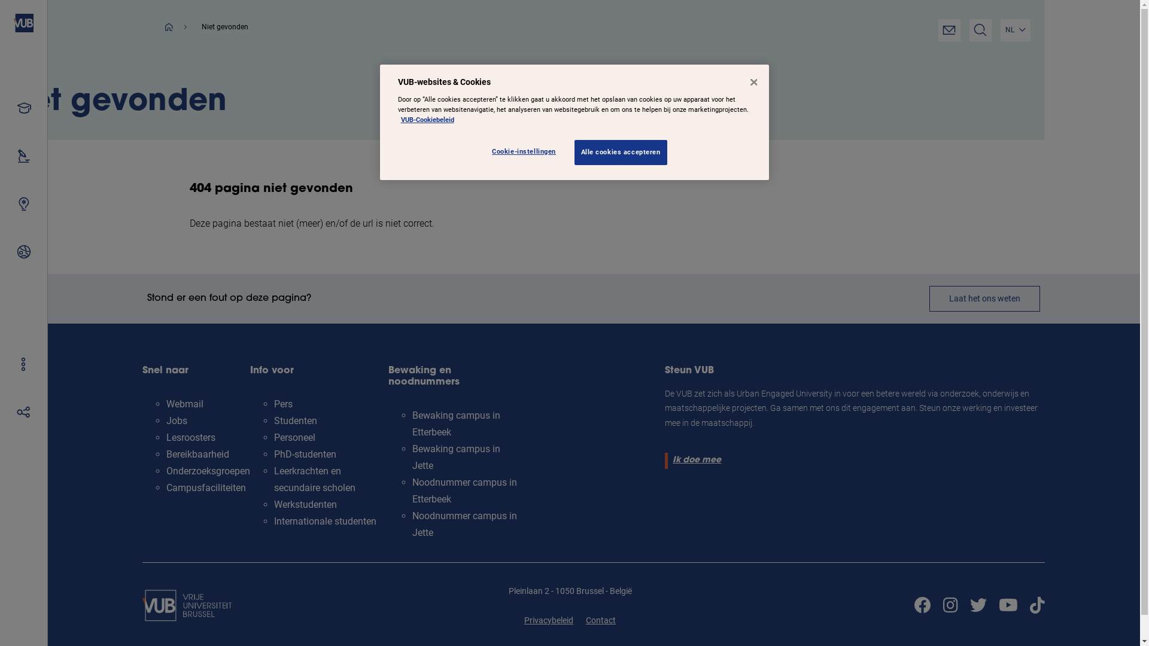 The image size is (1149, 646). I want to click on 'PhD-studenten', so click(305, 454).